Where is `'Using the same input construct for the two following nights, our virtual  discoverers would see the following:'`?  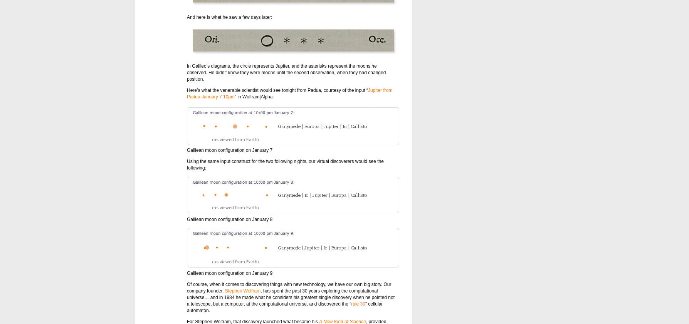
'Using the same input construct for the two following nights, our virtual  discoverers would see the following:' is located at coordinates (187, 164).